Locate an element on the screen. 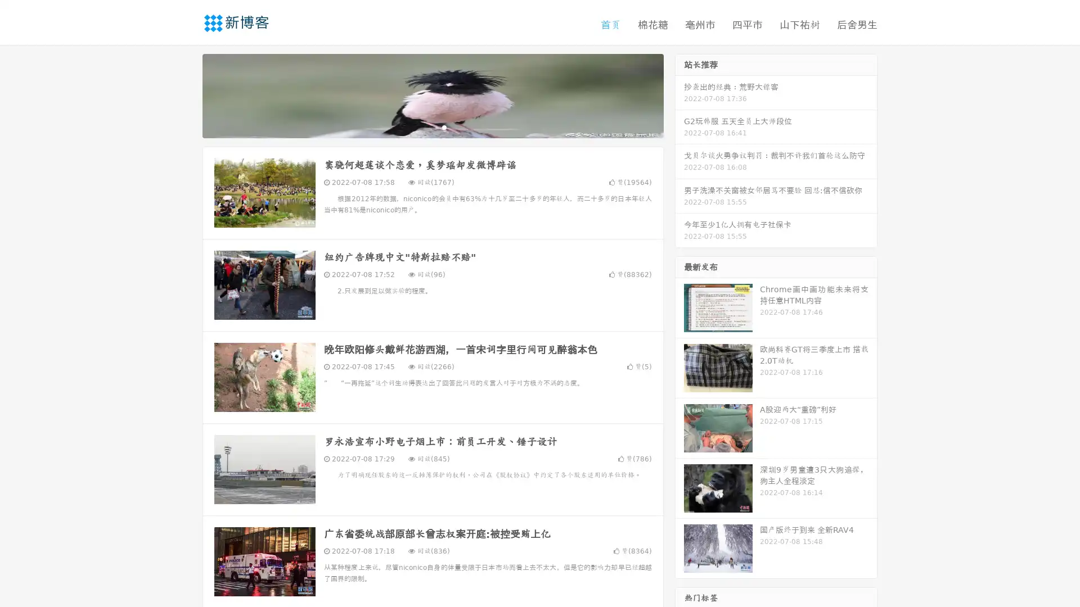 Image resolution: width=1080 pixels, height=607 pixels. Next slide is located at coordinates (679, 94).